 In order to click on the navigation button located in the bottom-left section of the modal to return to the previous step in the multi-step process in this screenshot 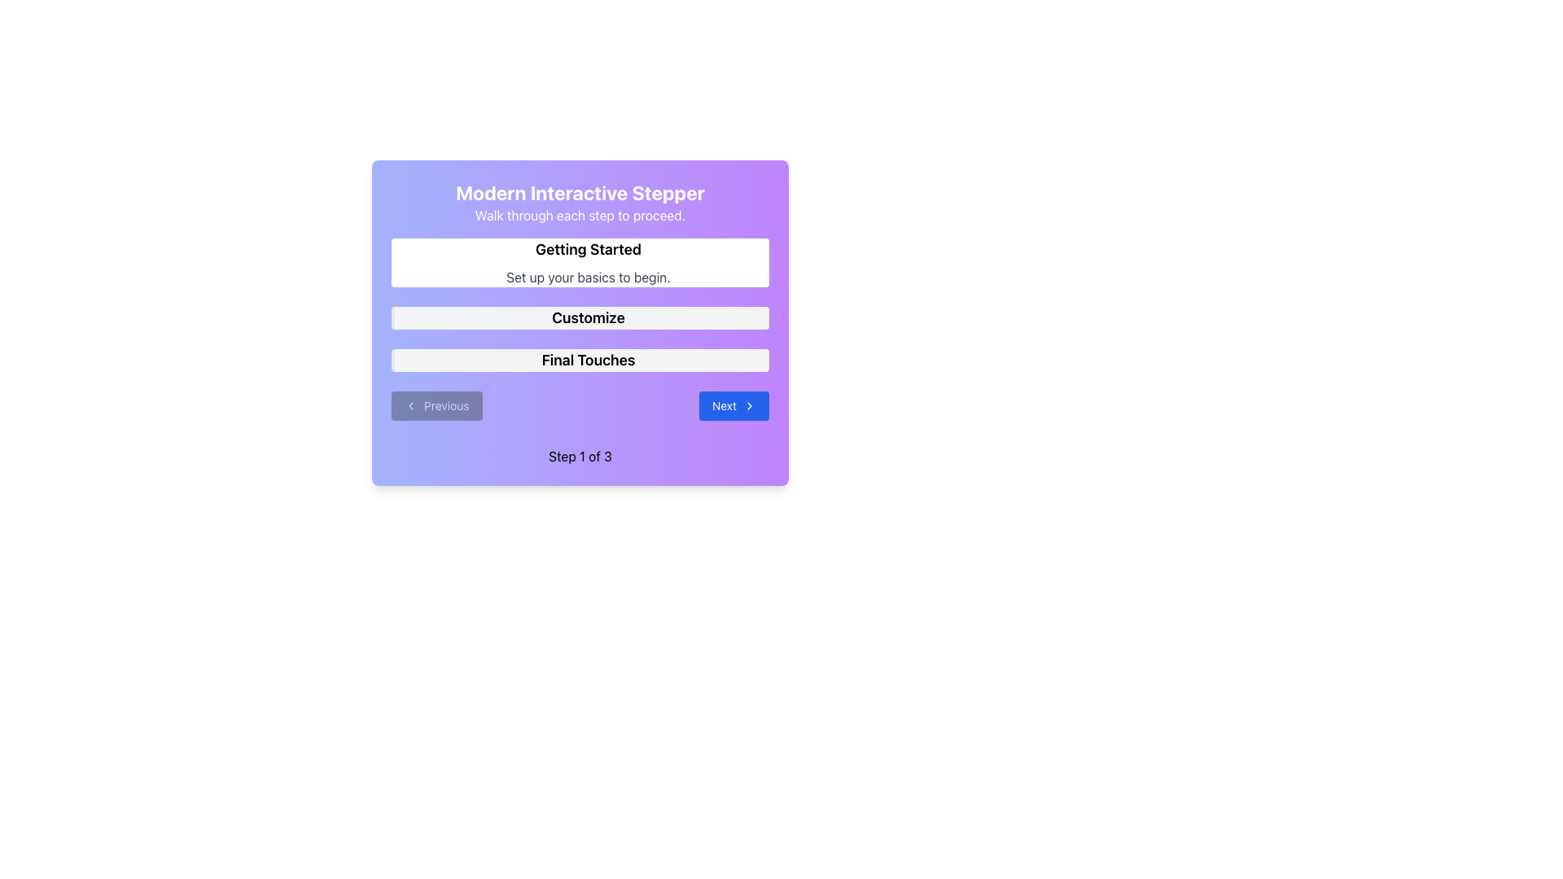, I will do `click(436, 405)`.